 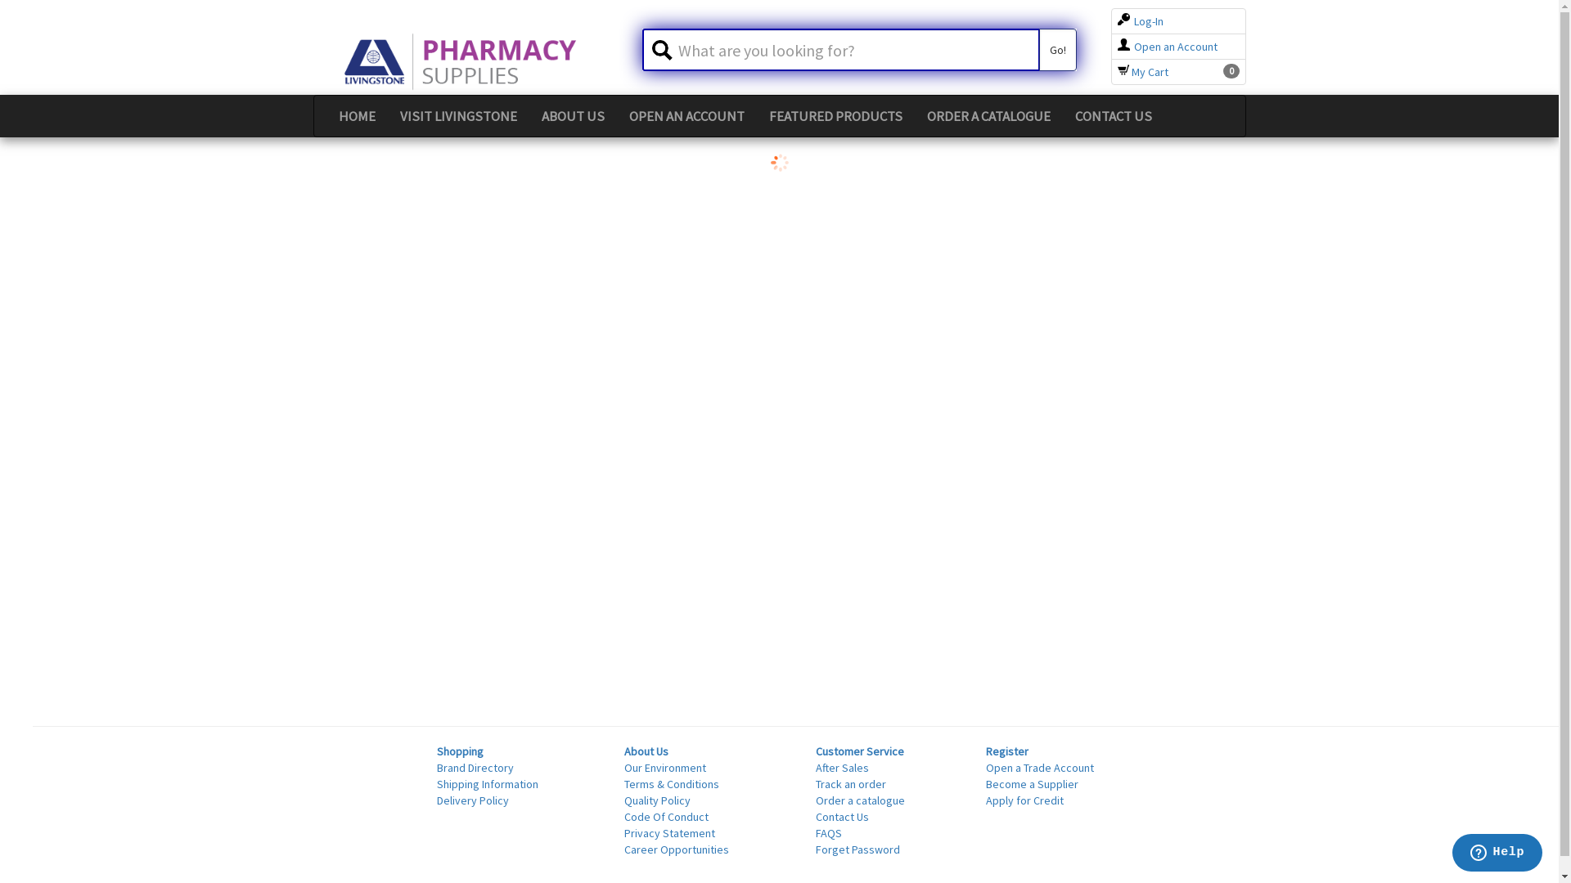 I want to click on 'Forget Password', so click(x=857, y=848).